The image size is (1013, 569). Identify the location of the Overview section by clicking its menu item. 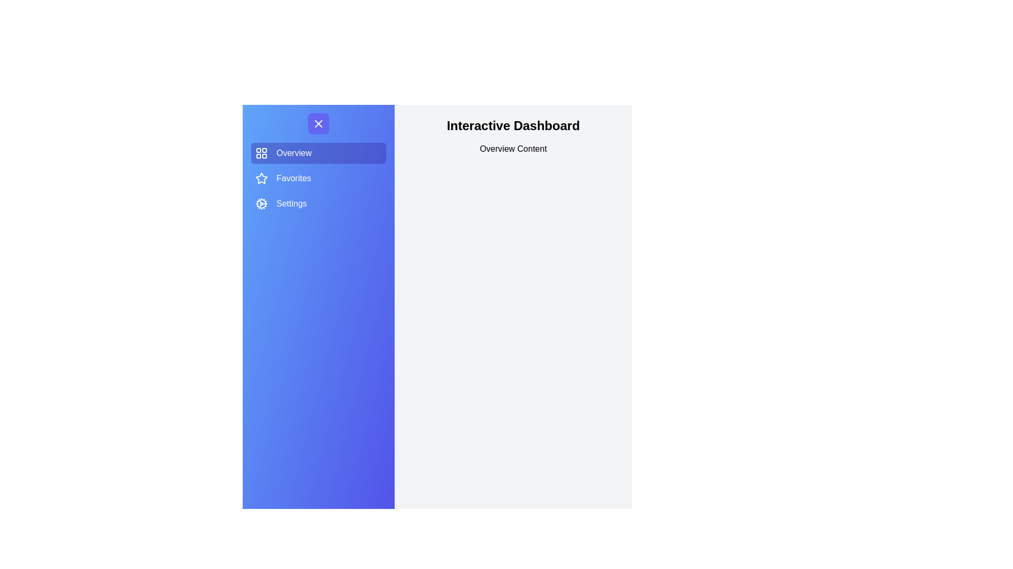
(318, 153).